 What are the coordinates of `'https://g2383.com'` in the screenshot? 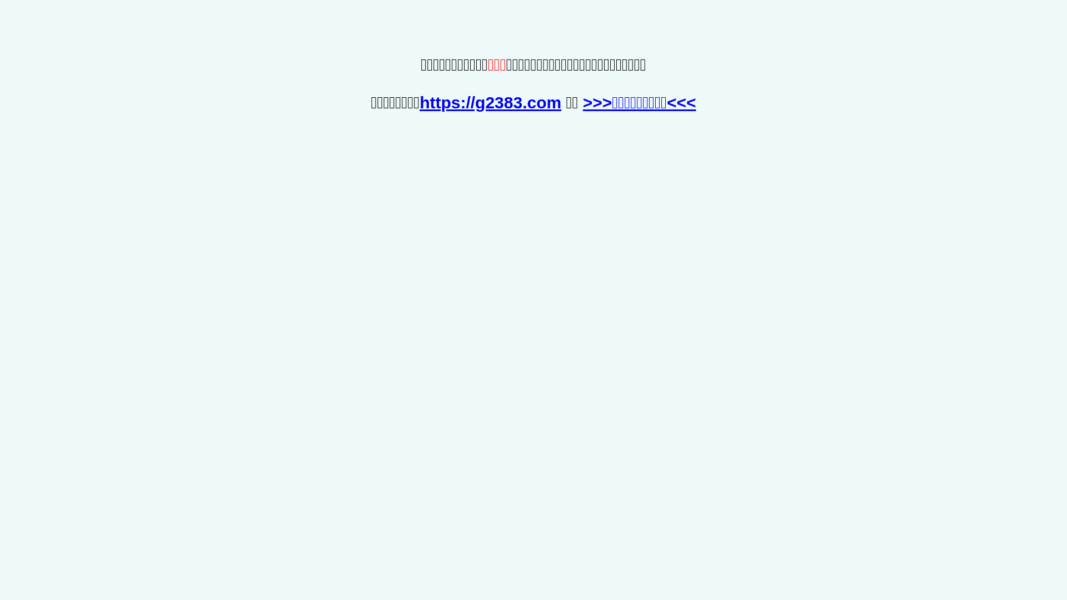 It's located at (490, 102).